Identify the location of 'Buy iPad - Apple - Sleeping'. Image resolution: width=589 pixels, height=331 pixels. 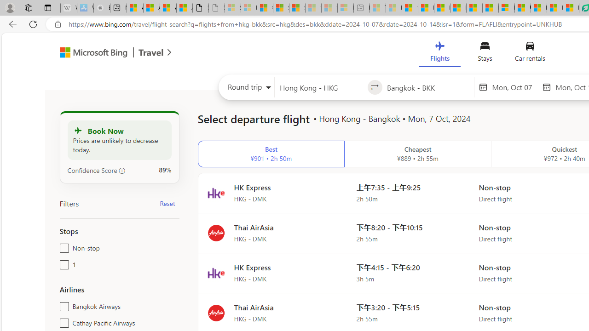
(102, 8).